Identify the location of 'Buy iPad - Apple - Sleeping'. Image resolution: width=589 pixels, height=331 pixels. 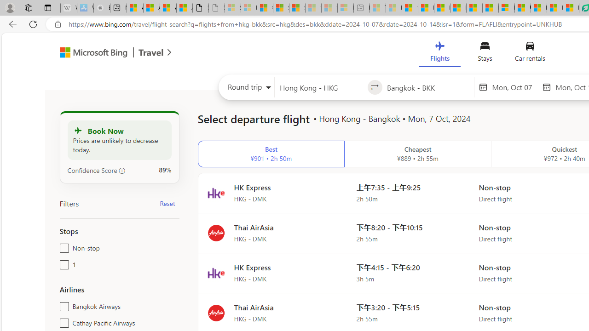
(102, 8).